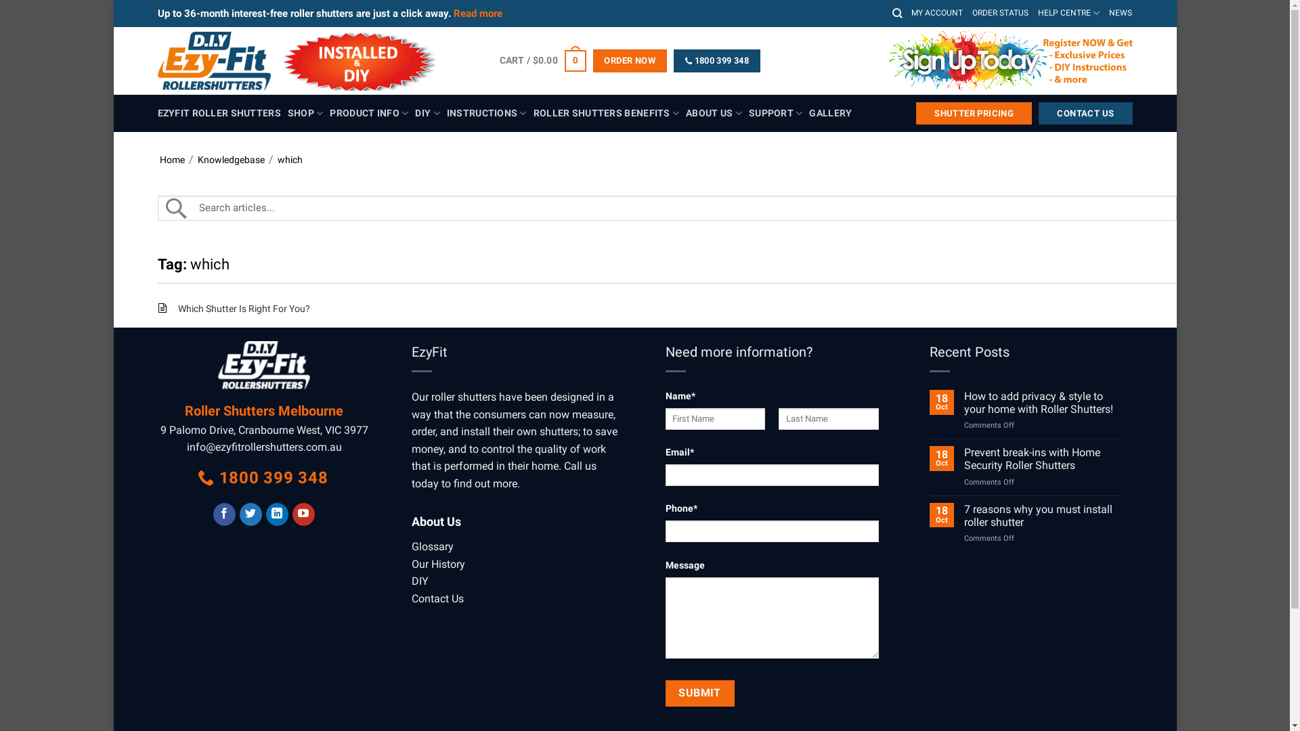 Image resolution: width=1300 pixels, height=731 pixels. What do you see at coordinates (605, 112) in the screenshot?
I see `'ROLLER SHUTTERS BENEFITS'` at bounding box center [605, 112].